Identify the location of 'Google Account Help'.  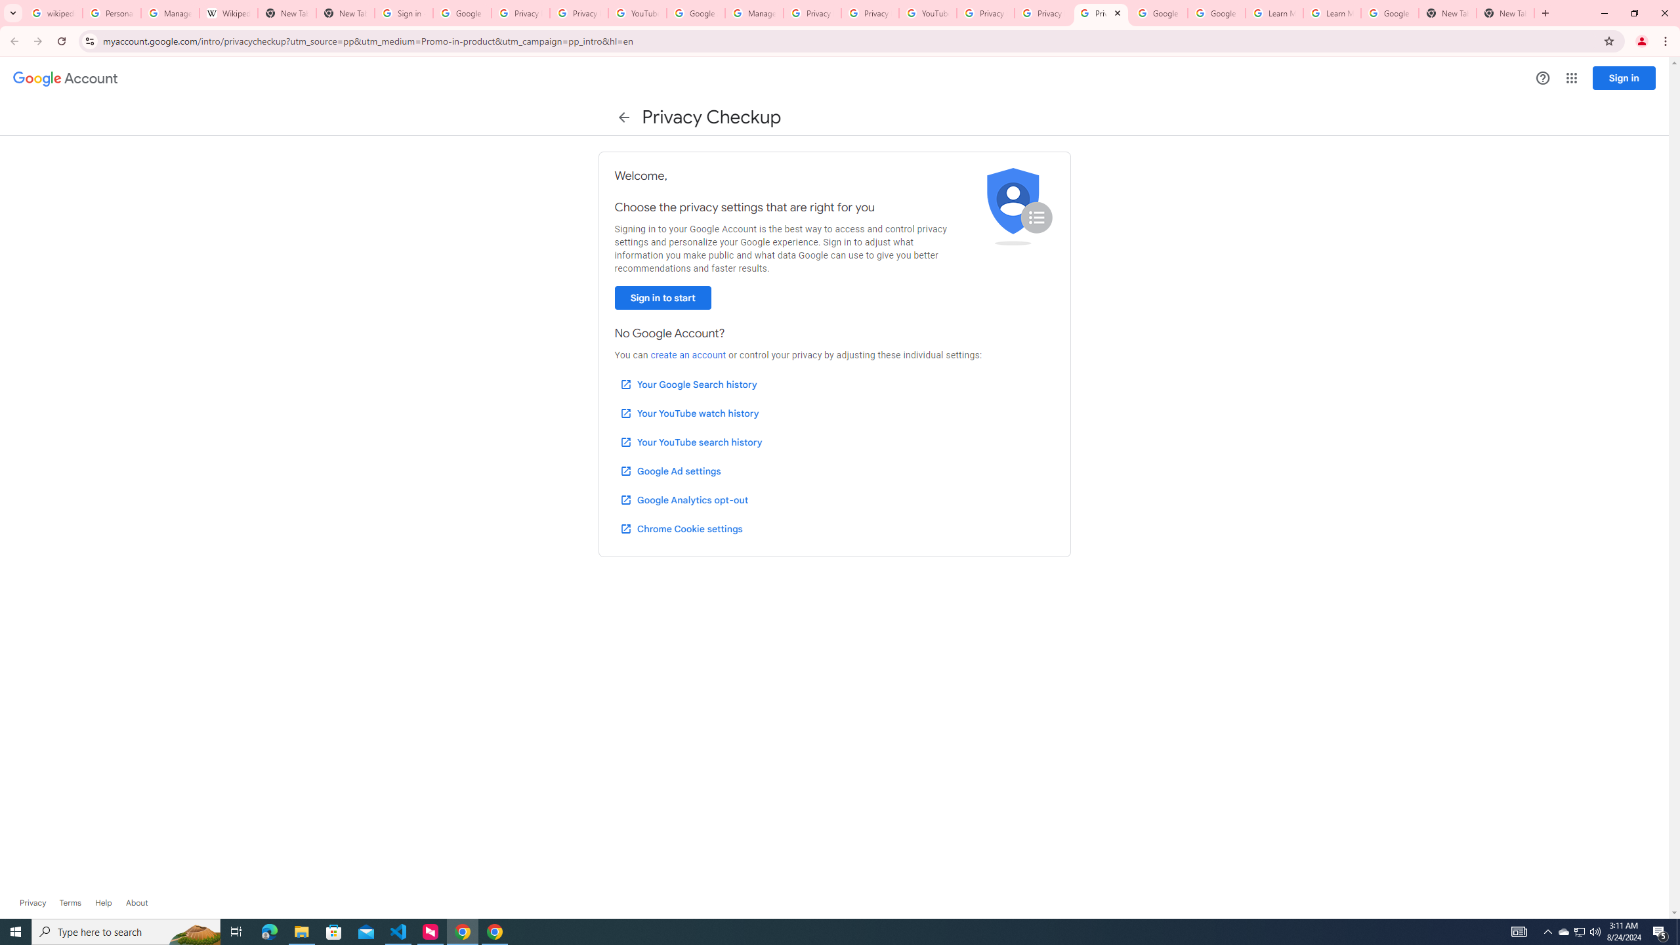
(1158, 12).